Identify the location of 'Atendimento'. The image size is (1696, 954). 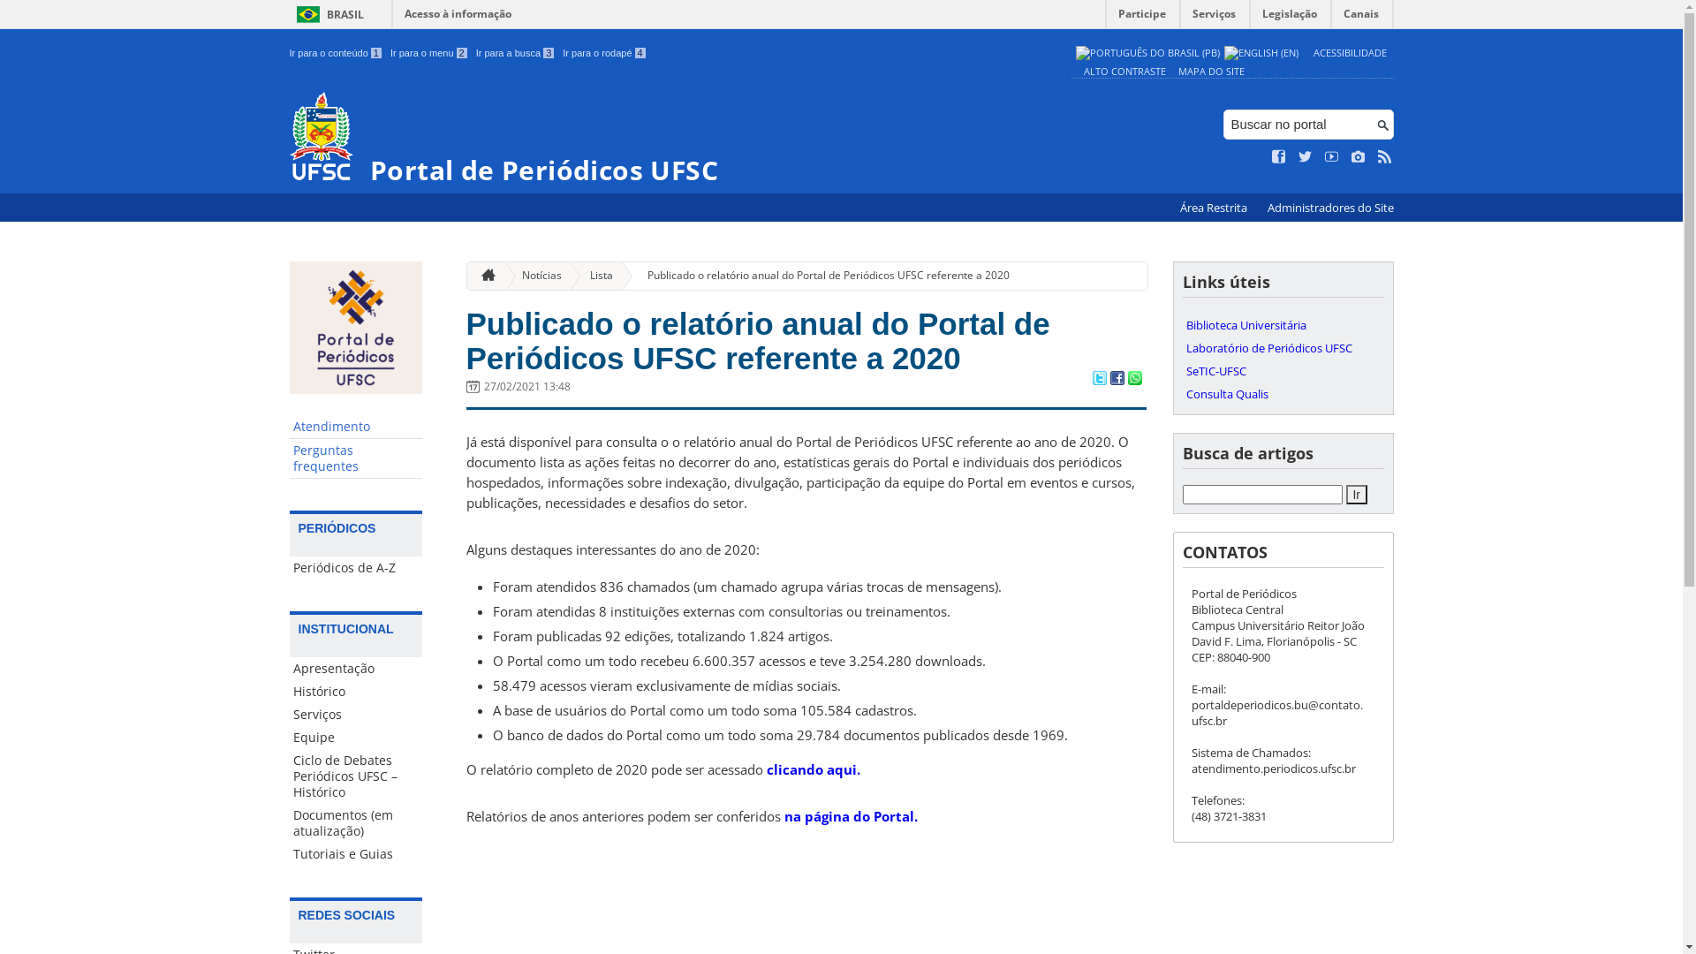
(355, 427).